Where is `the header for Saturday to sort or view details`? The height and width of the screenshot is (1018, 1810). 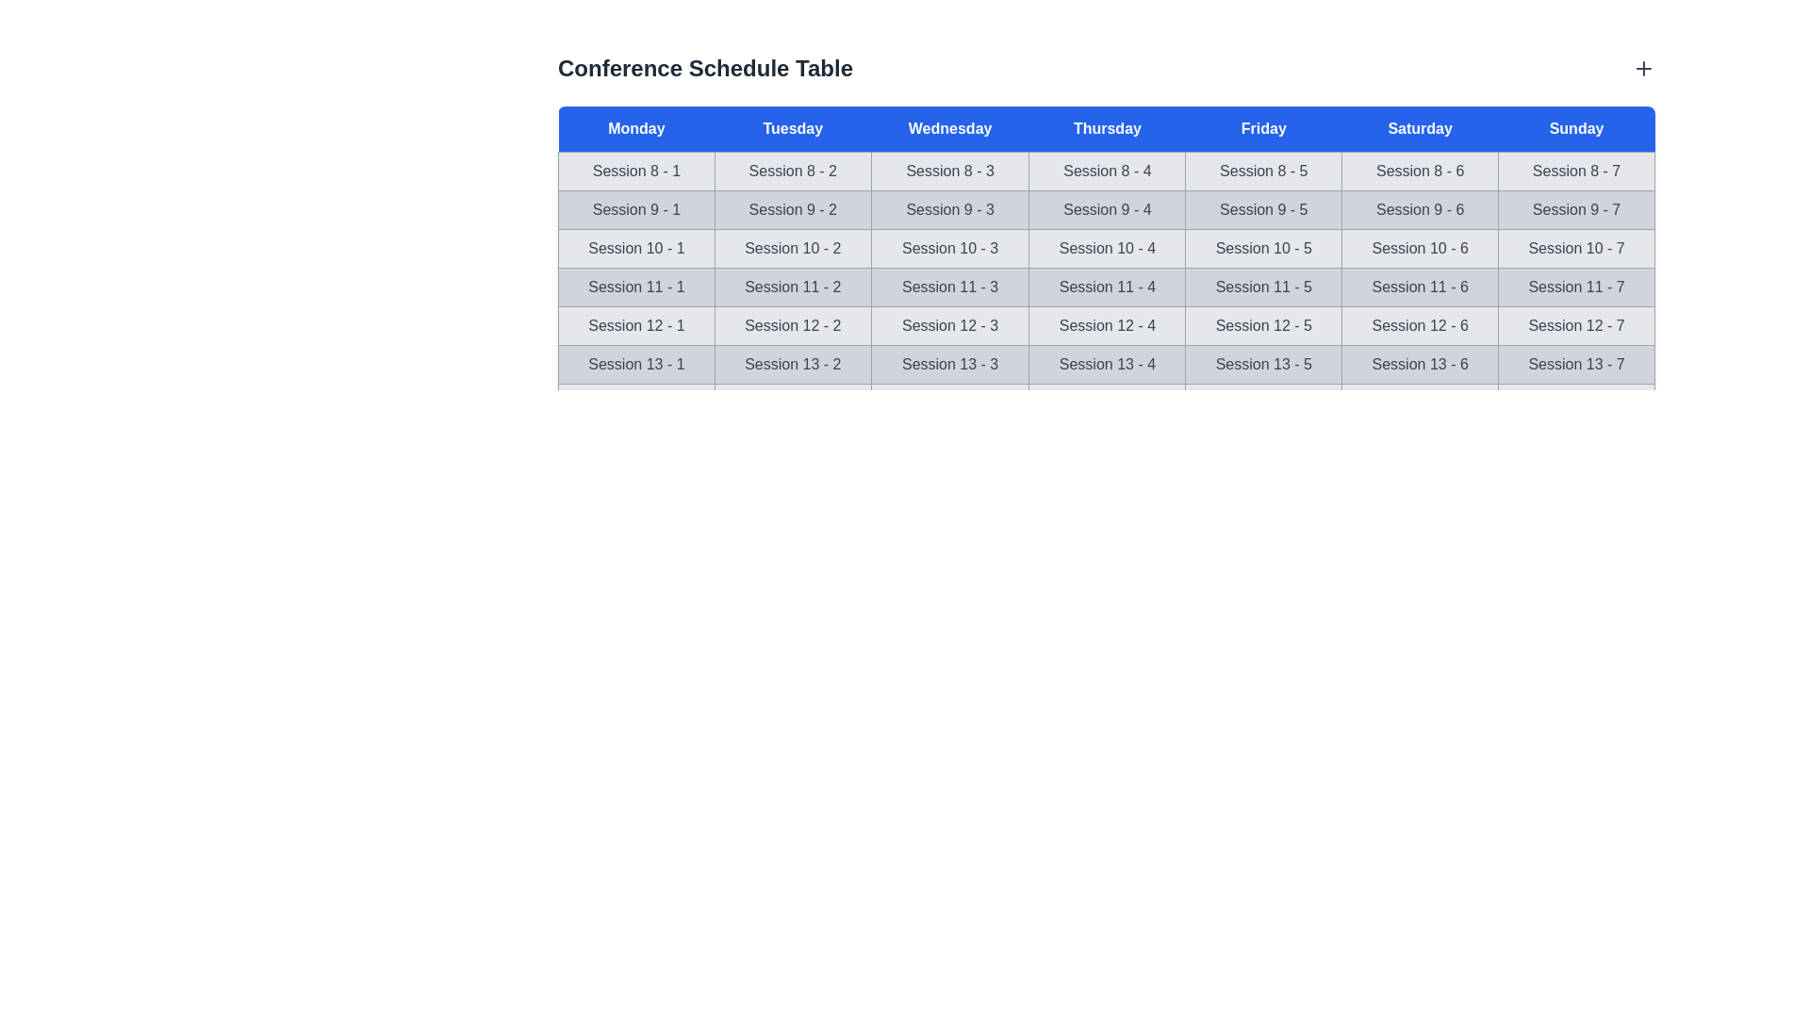 the header for Saturday to sort or view details is located at coordinates (1420, 128).